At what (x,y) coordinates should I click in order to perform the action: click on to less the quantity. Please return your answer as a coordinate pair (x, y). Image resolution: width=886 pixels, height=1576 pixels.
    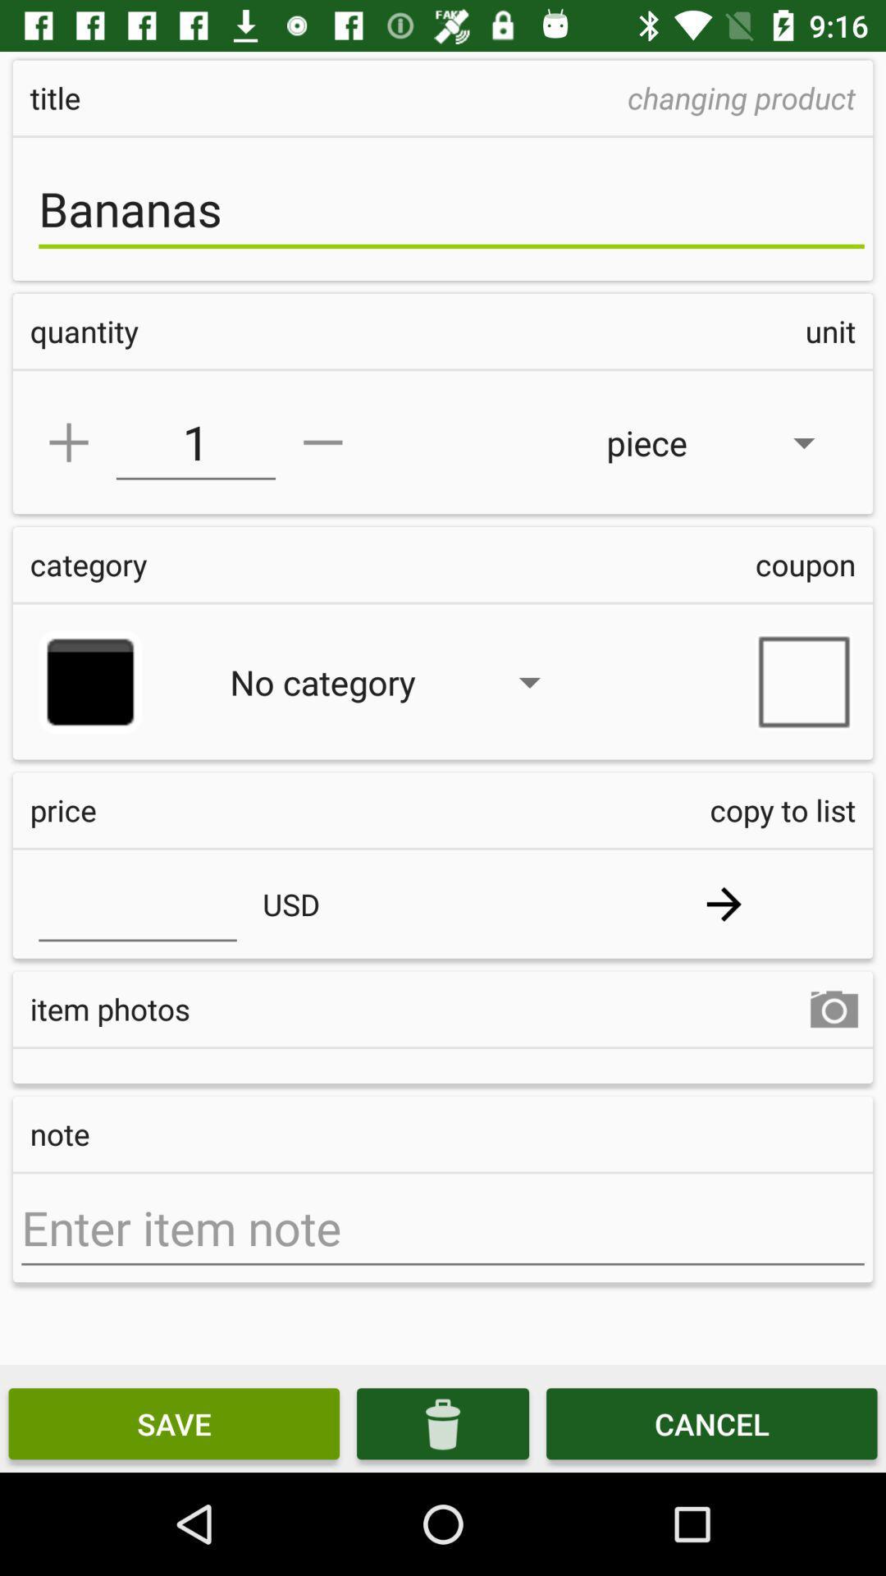
    Looking at the image, I should click on (322, 442).